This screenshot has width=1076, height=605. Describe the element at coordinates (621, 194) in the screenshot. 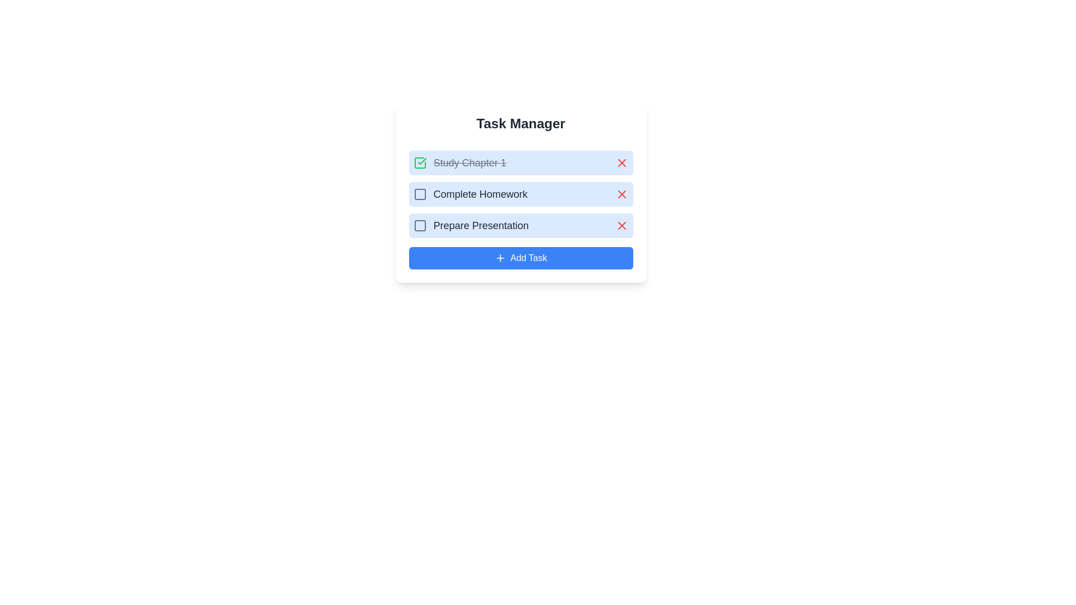

I see `the red circular cross icon on the far right side of the task item row labeled 'Complete Homework'` at that location.